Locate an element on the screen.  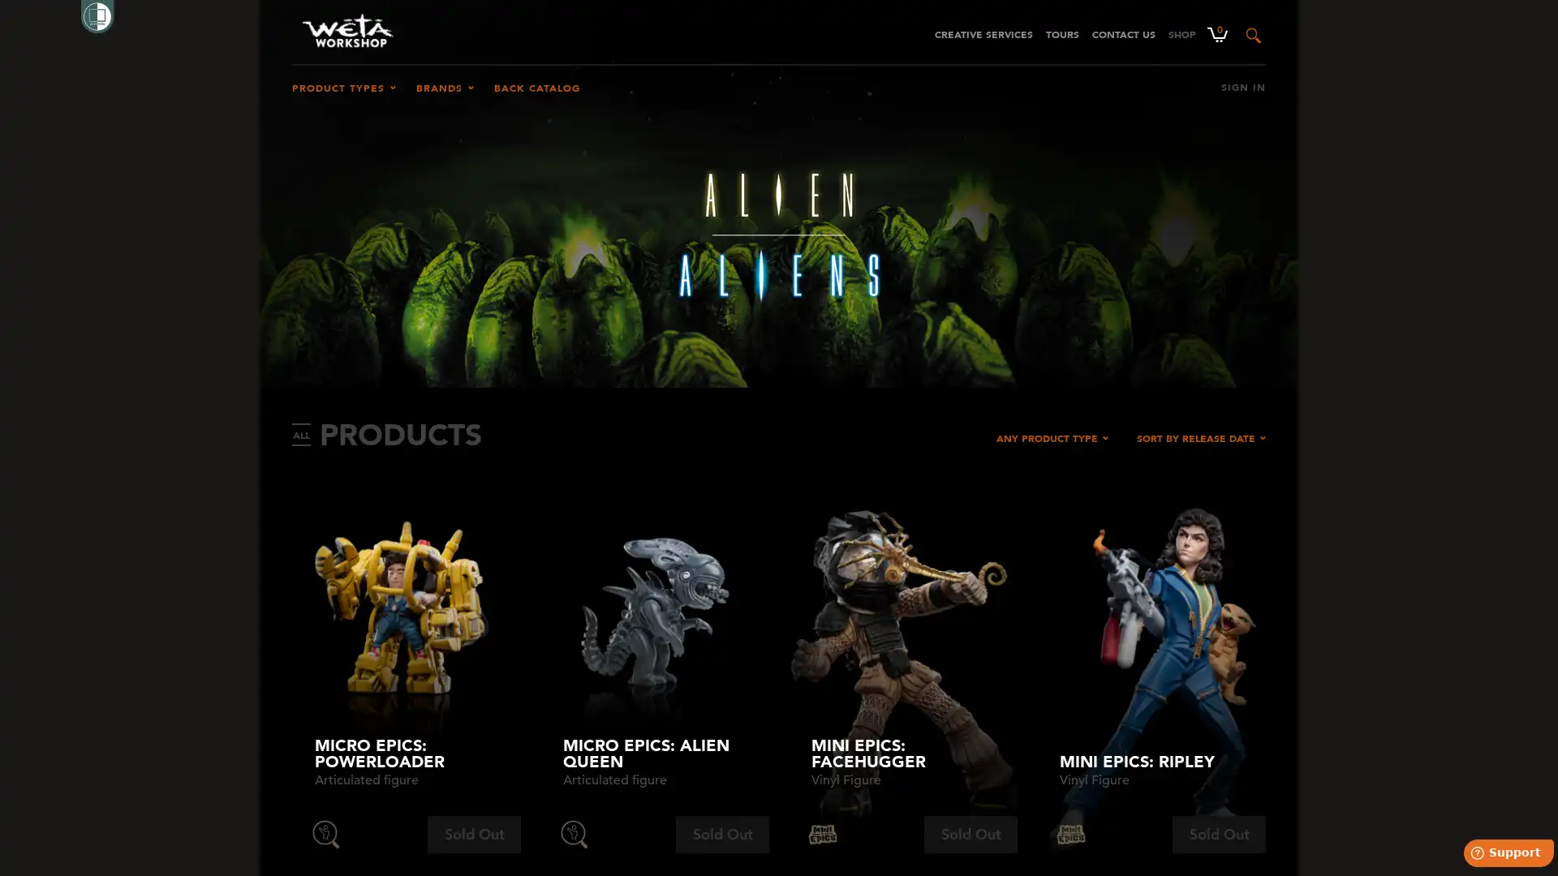
Sold Out is located at coordinates (721, 835).